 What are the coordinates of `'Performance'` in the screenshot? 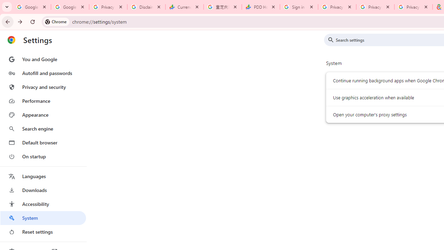 It's located at (43, 101).